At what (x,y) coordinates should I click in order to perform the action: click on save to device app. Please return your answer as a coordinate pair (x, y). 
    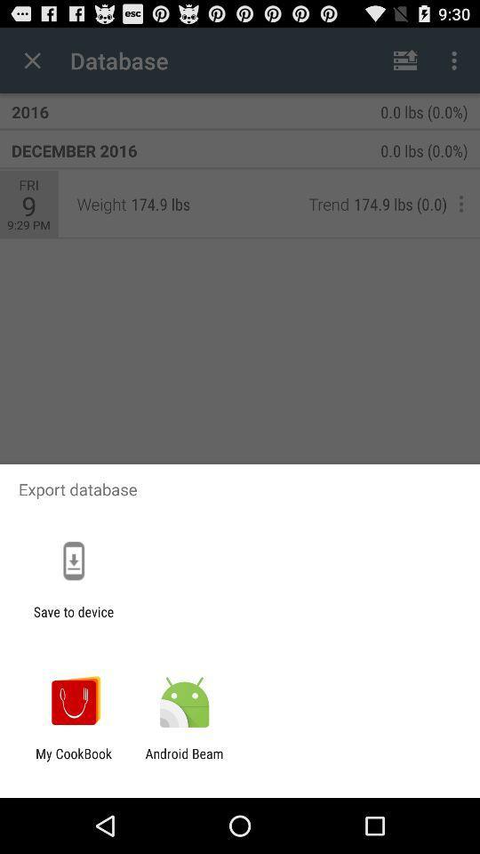
    Looking at the image, I should click on (73, 619).